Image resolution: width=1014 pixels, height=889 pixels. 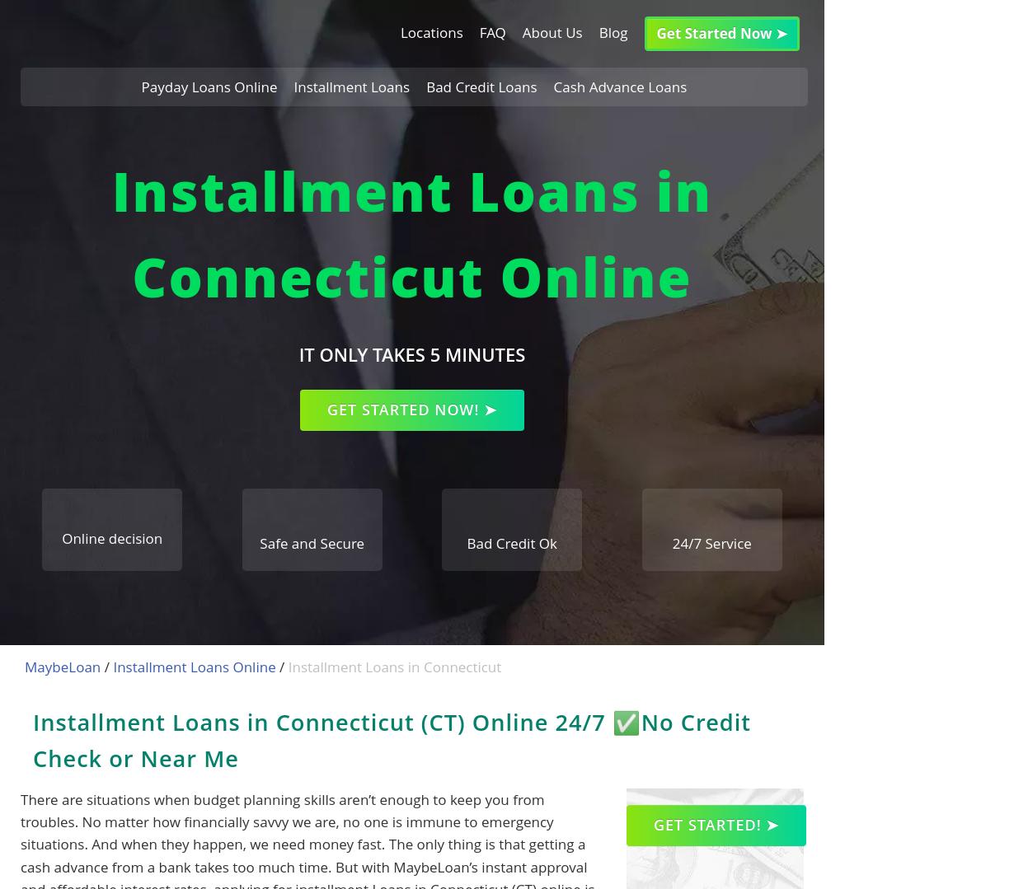 I want to click on 'About Us', so click(x=552, y=31).